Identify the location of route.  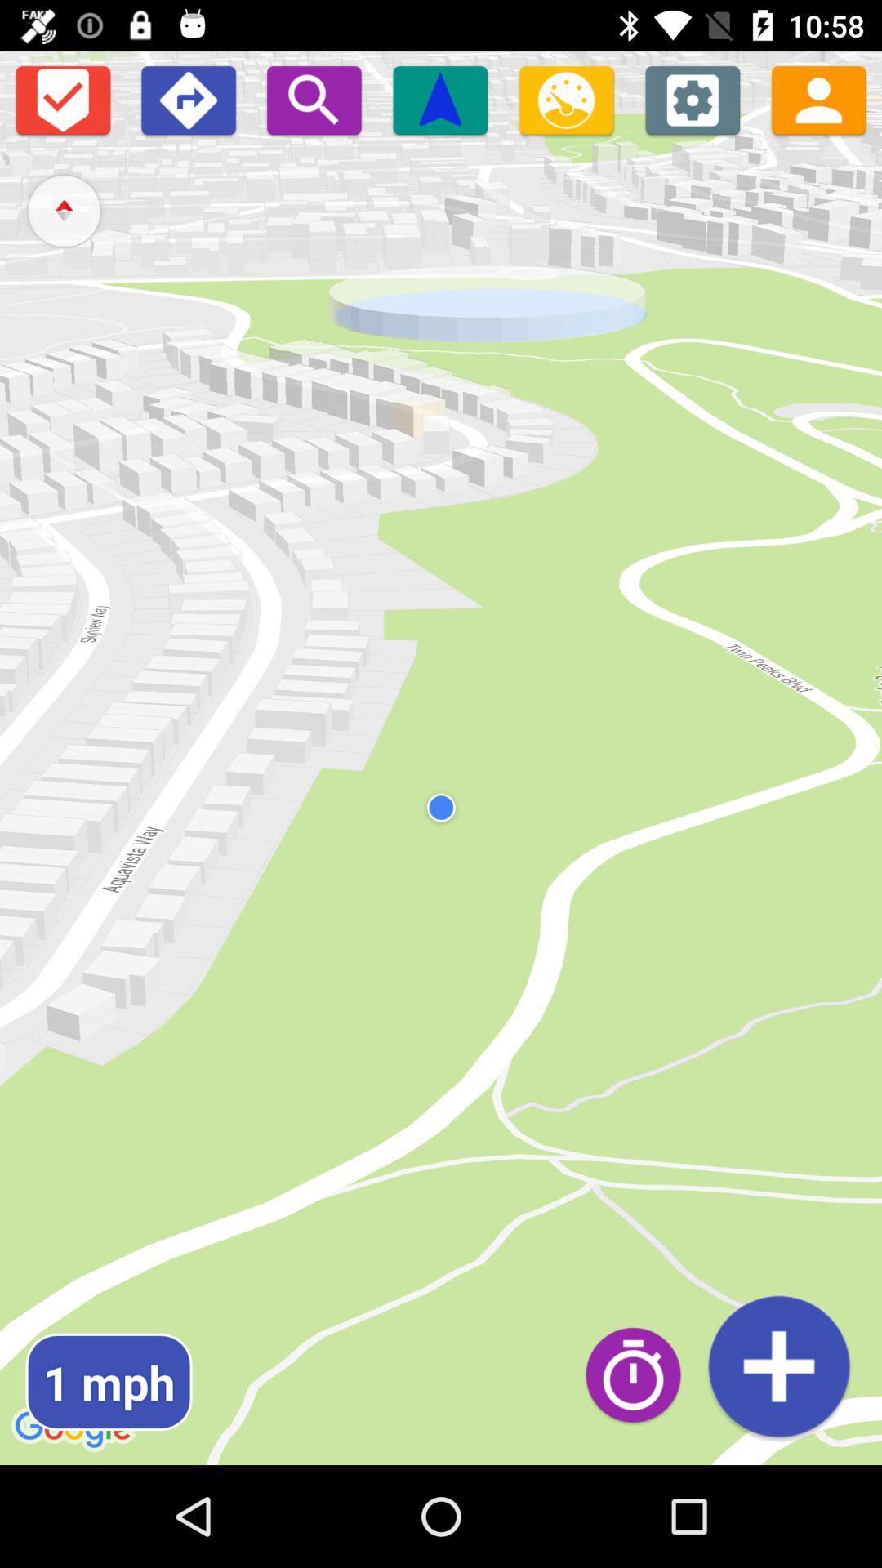
(777, 1366).